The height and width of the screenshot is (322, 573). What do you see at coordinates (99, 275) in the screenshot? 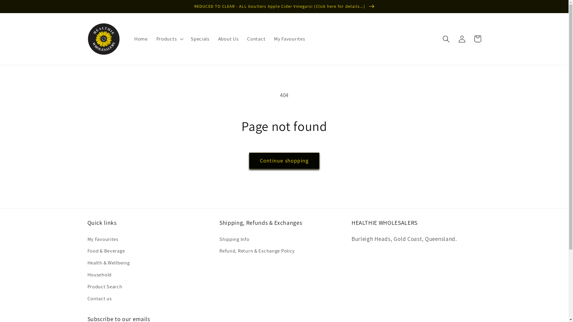
I see `'Household'` at bounding box center [99, 275].